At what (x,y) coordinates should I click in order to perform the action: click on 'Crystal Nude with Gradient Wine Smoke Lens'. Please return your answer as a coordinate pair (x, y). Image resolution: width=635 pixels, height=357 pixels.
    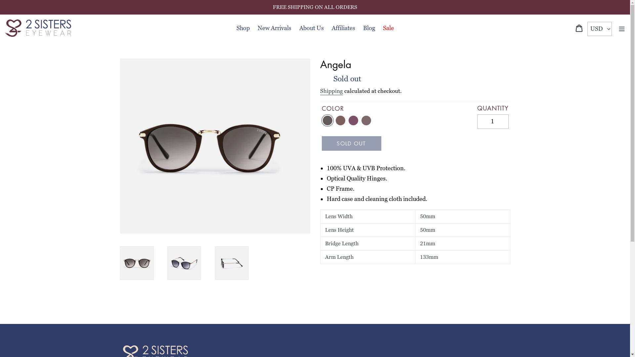
    Looking at the image, I should click on (366, 120).